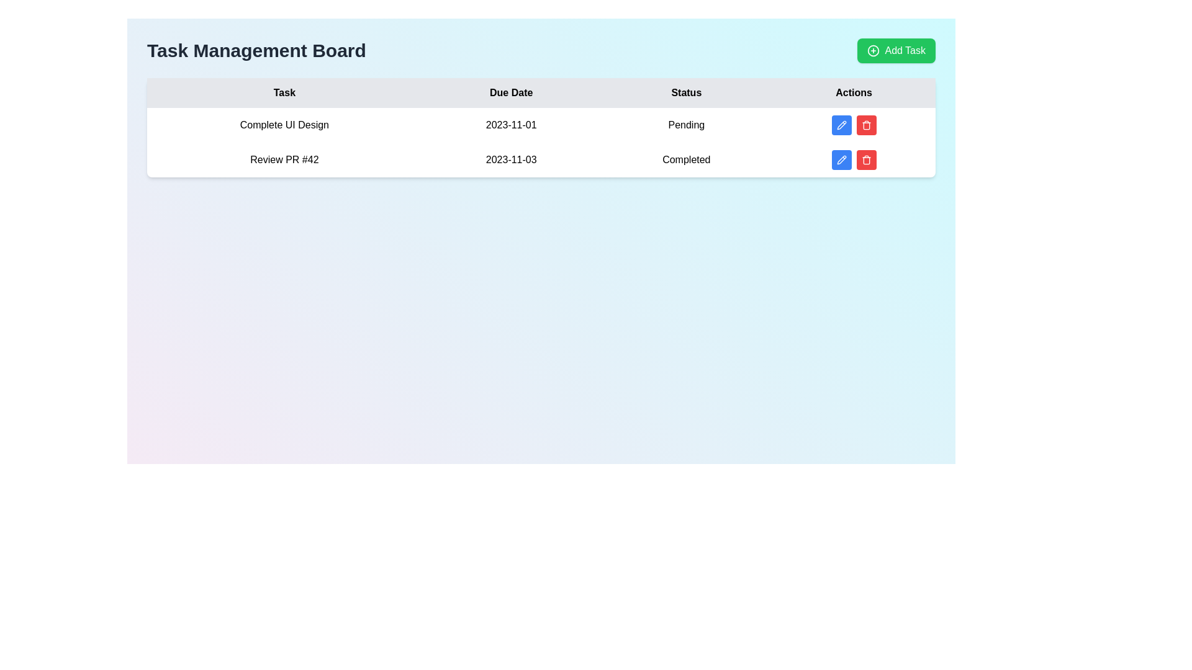 The image size is (1192, 670). I want to click on the blue square button with a white pencil icon in the 'Actions' column of the second row, which corresponds to the task titled 'Review PR #42', so click(841, 159).